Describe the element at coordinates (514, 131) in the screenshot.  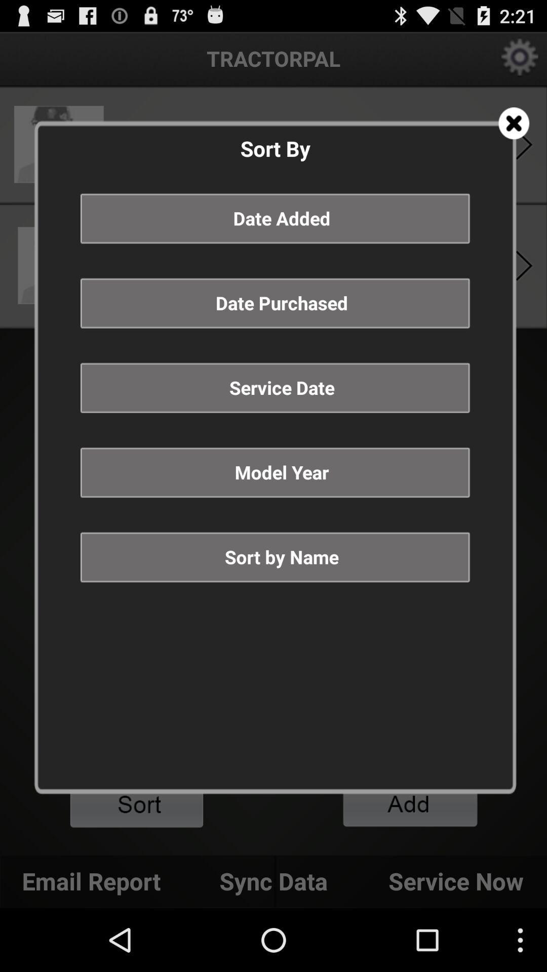
I see `the close icon` at that location.